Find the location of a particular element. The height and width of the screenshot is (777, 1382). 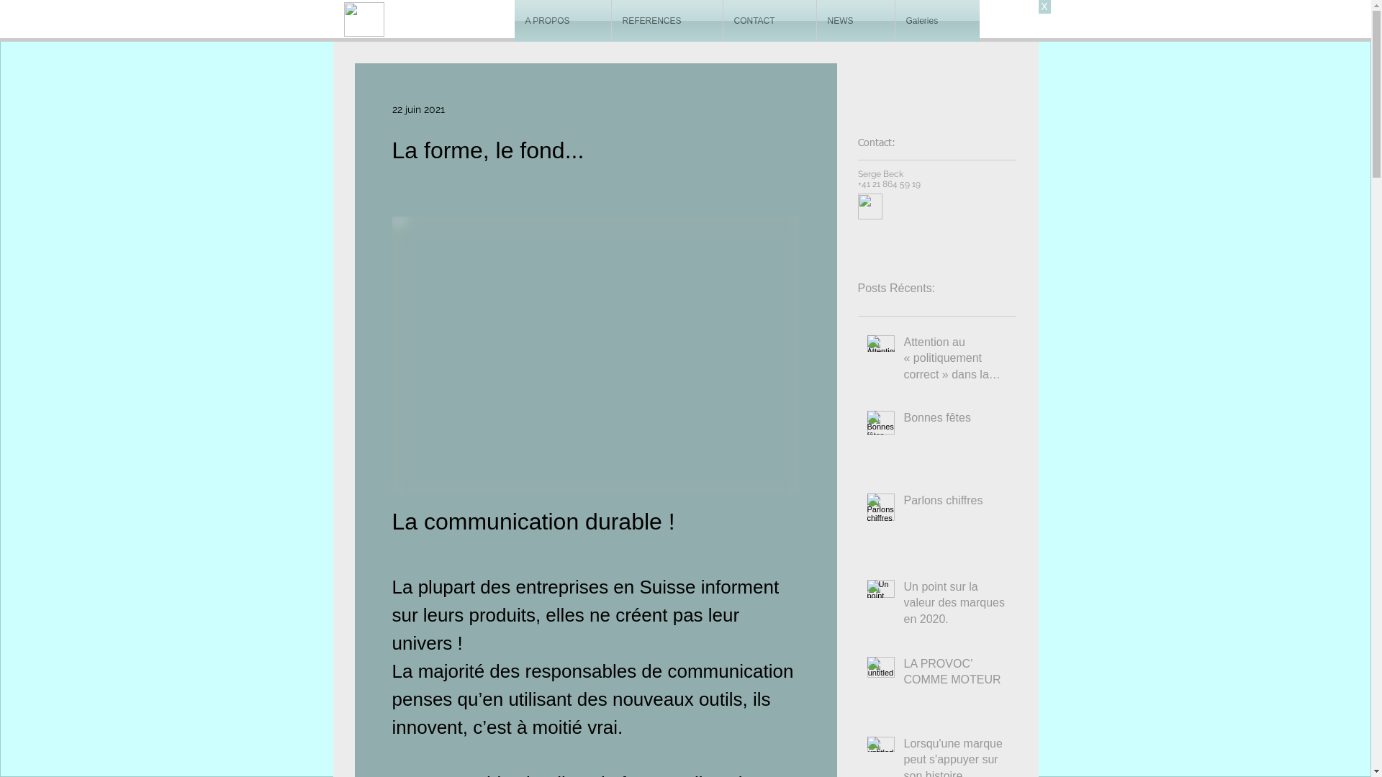

'Galeries' is located at coordinates (937, 21).